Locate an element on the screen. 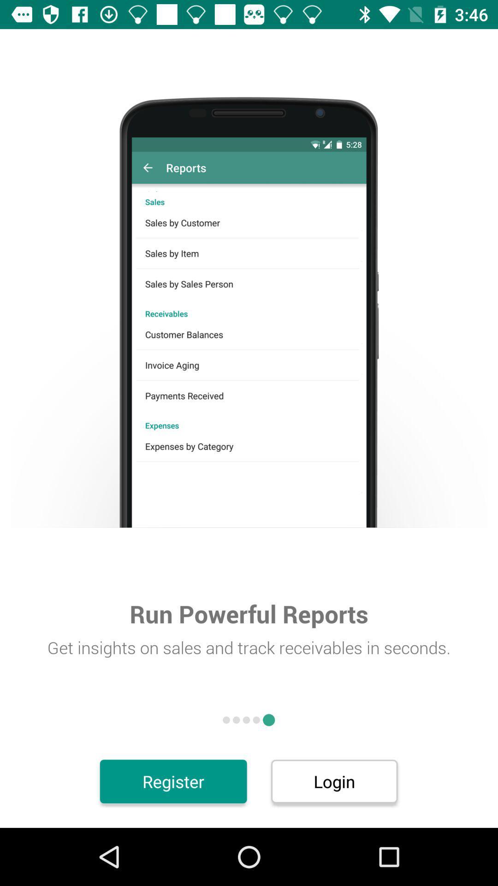  the login icon is located at coordinates (334, 781).